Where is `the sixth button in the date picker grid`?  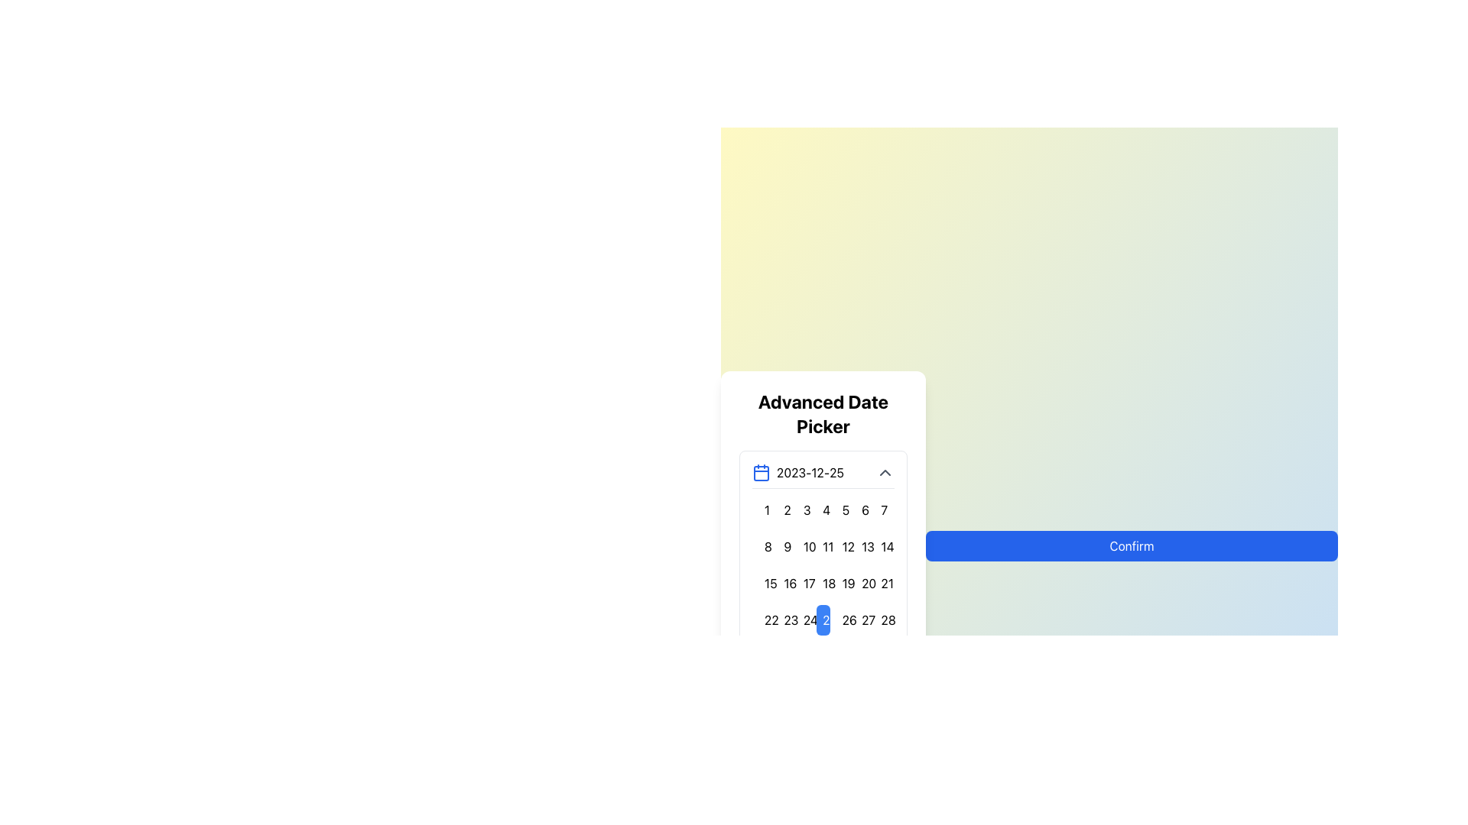 the sixth button in the date picker grid is located at coordinates (862, 510).